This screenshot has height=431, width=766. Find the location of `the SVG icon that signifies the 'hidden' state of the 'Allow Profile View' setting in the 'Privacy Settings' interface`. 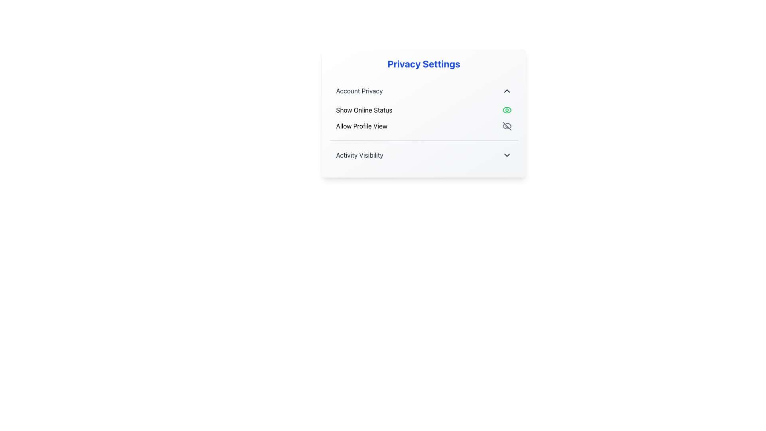

the SVG icon that signifies the 'hidden' state of the 'Allow Profile View' setting in the 'Privacy Settings' interface is located at coordinates (506, 126).